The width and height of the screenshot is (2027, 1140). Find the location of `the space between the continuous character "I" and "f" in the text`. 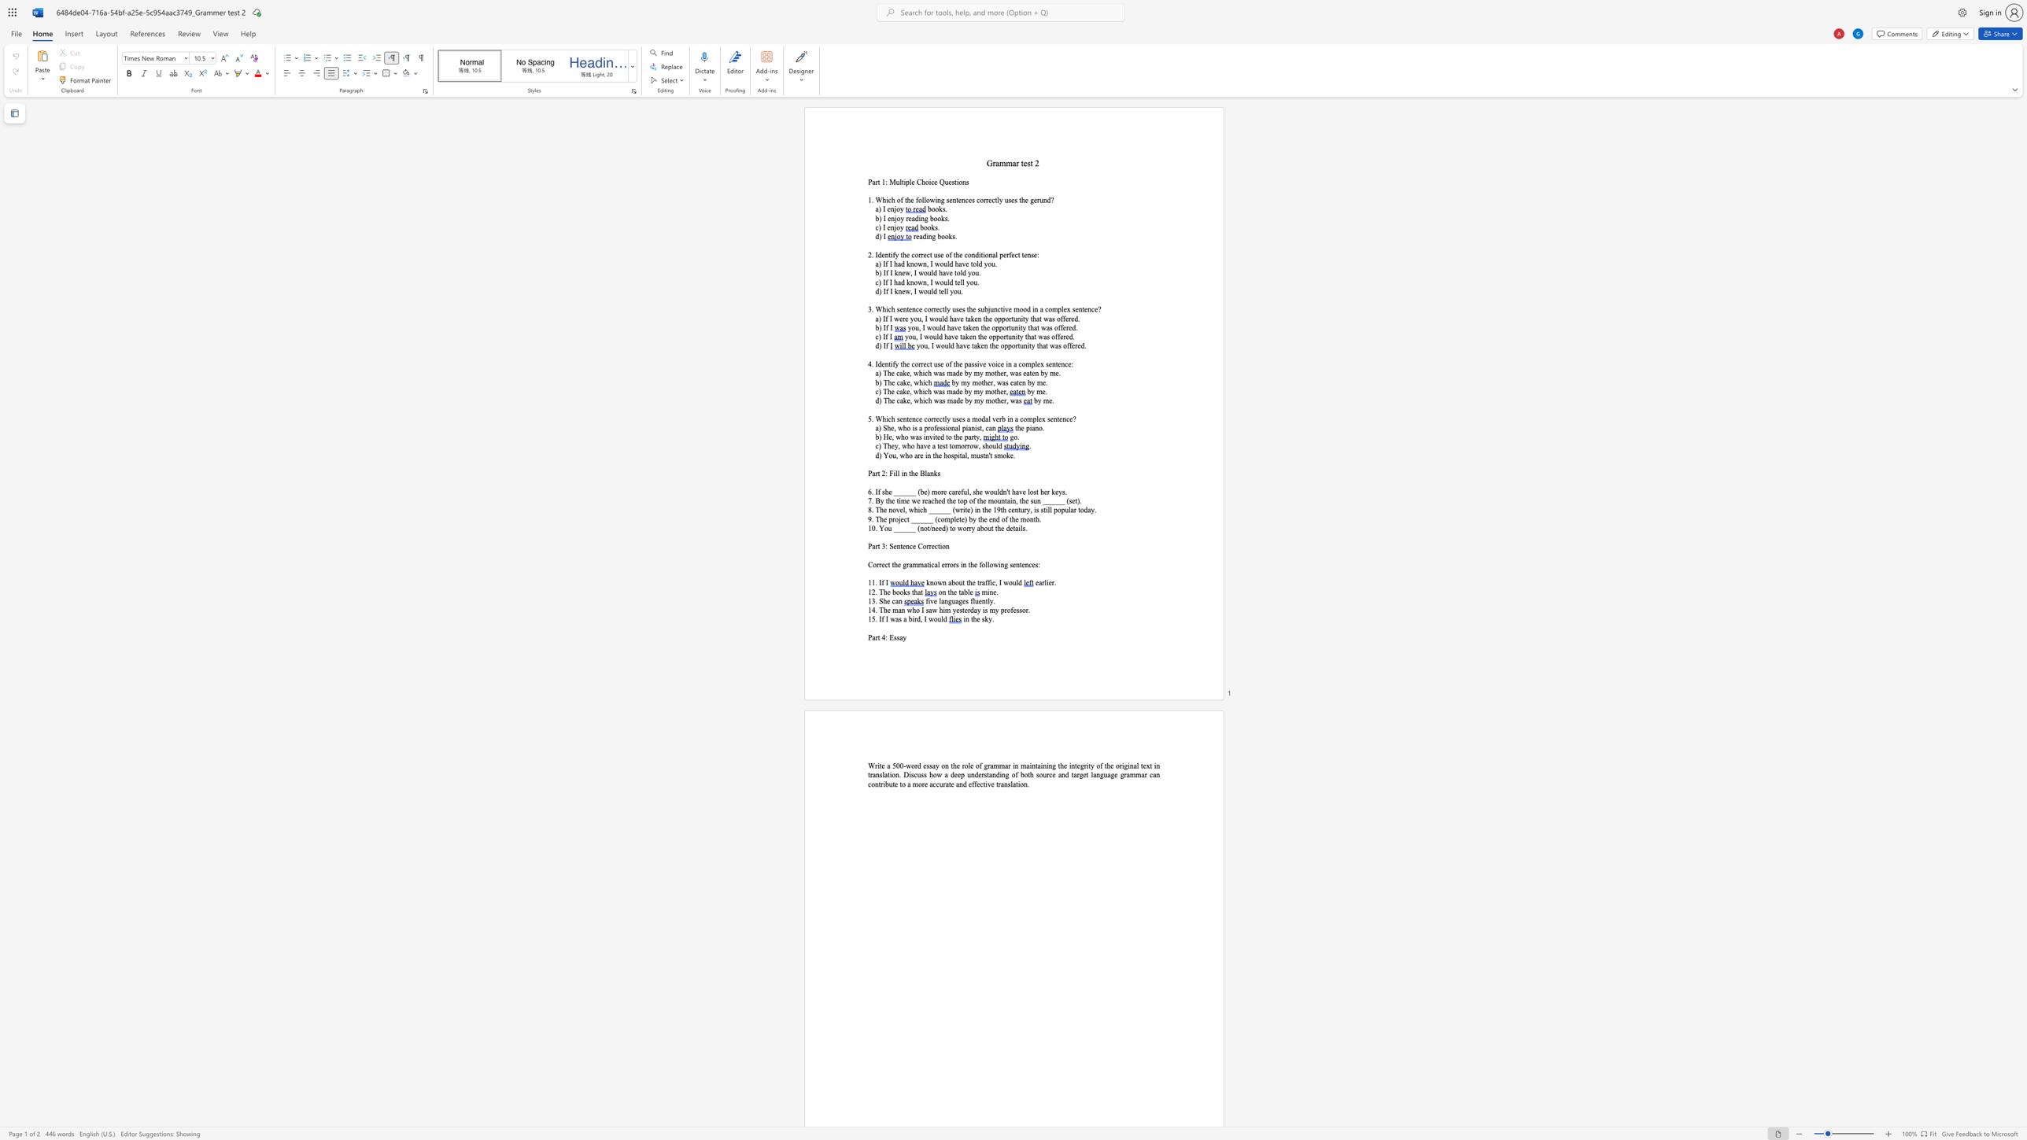

the space between the continuous character "I" and "f" in the text is located at coordinates (884, 336).